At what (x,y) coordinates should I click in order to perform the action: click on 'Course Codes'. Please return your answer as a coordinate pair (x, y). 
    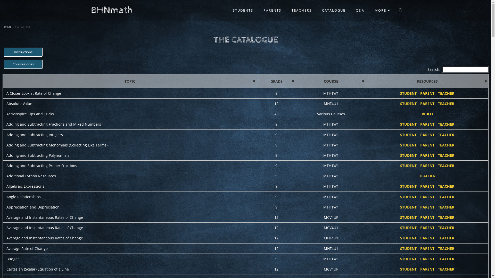
    Looking at the image, I should click on (4, 64).